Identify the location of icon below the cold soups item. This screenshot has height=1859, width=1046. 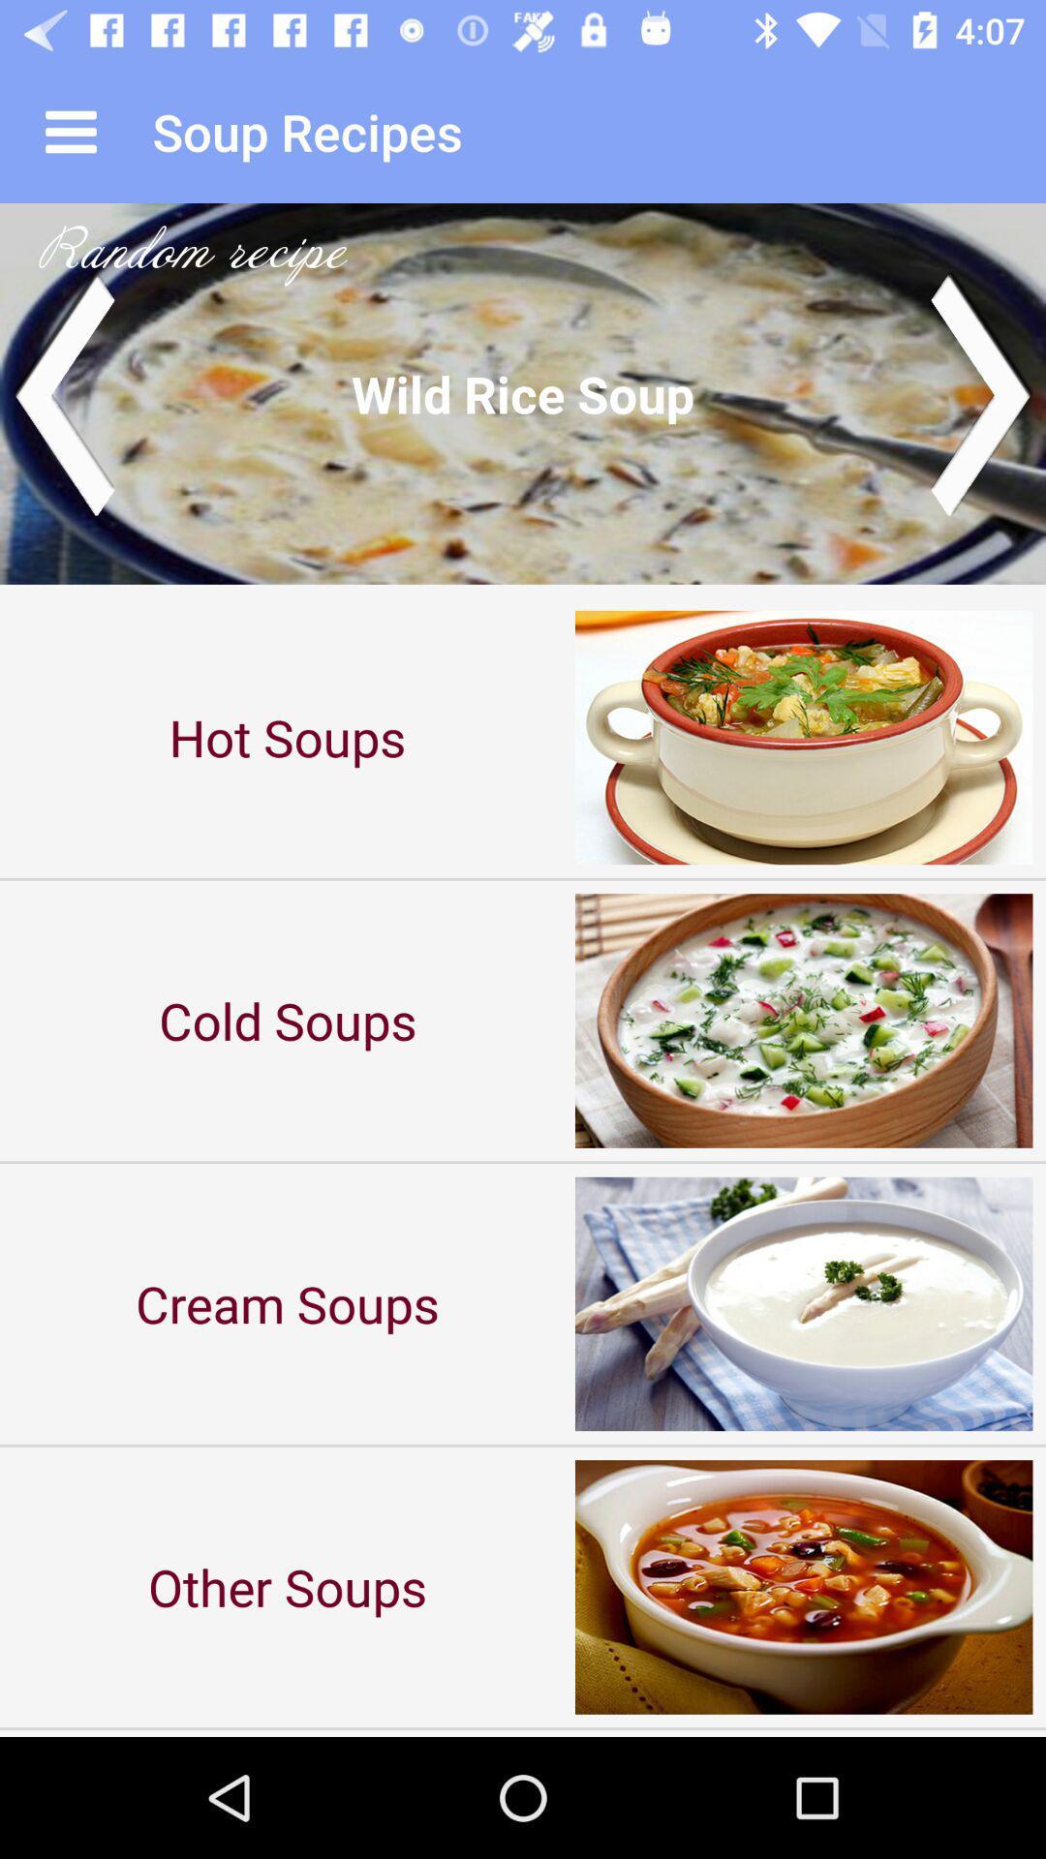
(288, 1303).